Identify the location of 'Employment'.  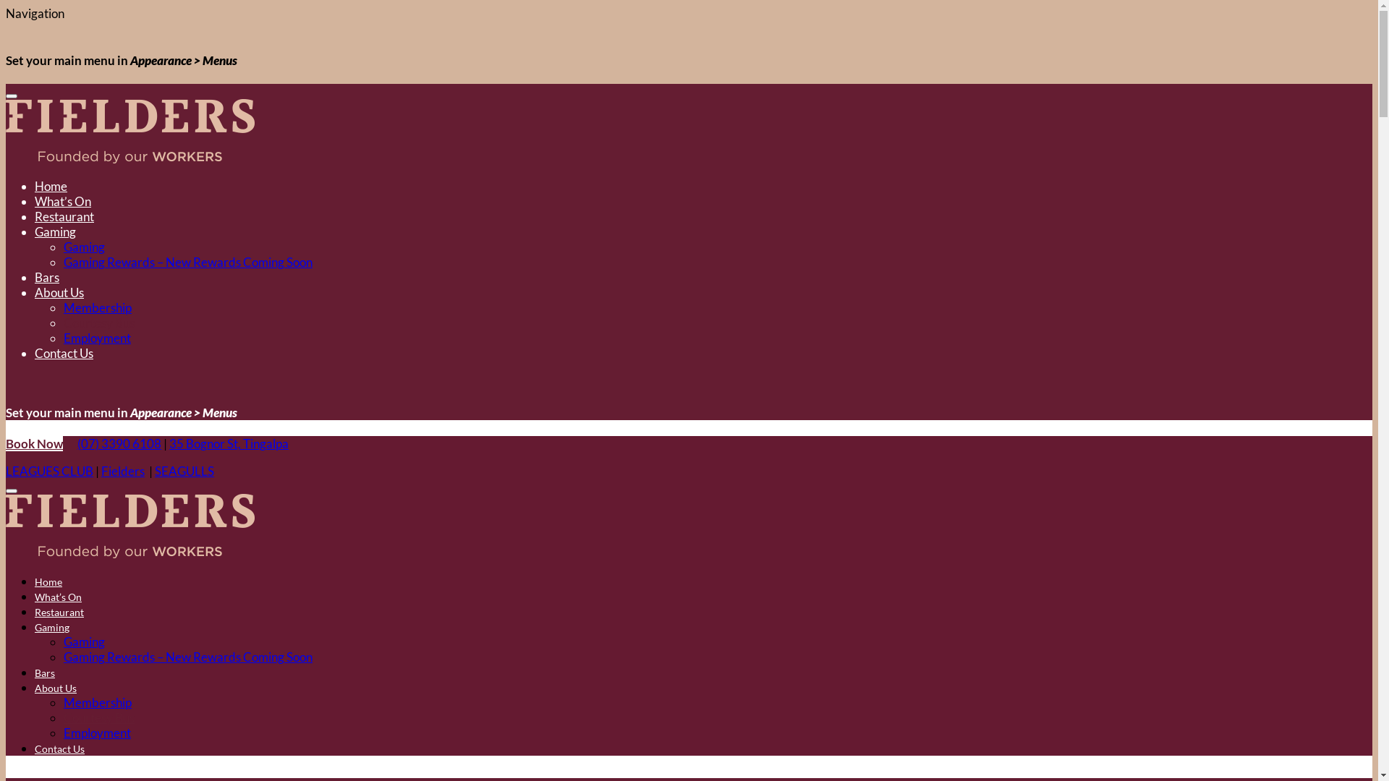
(96, 338).